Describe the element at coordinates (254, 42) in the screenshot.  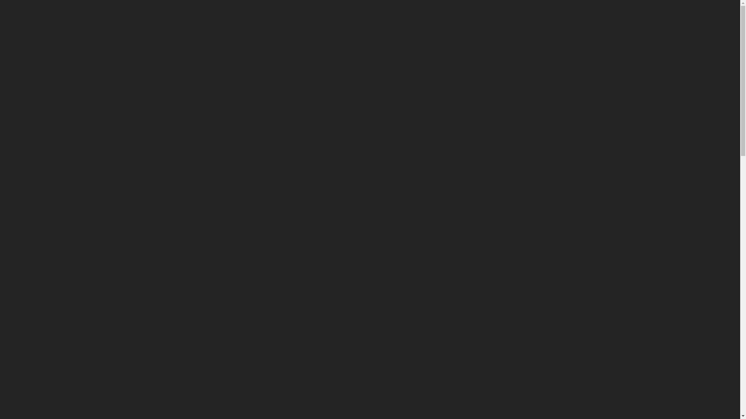
I see `'SERVICES'` at that location.